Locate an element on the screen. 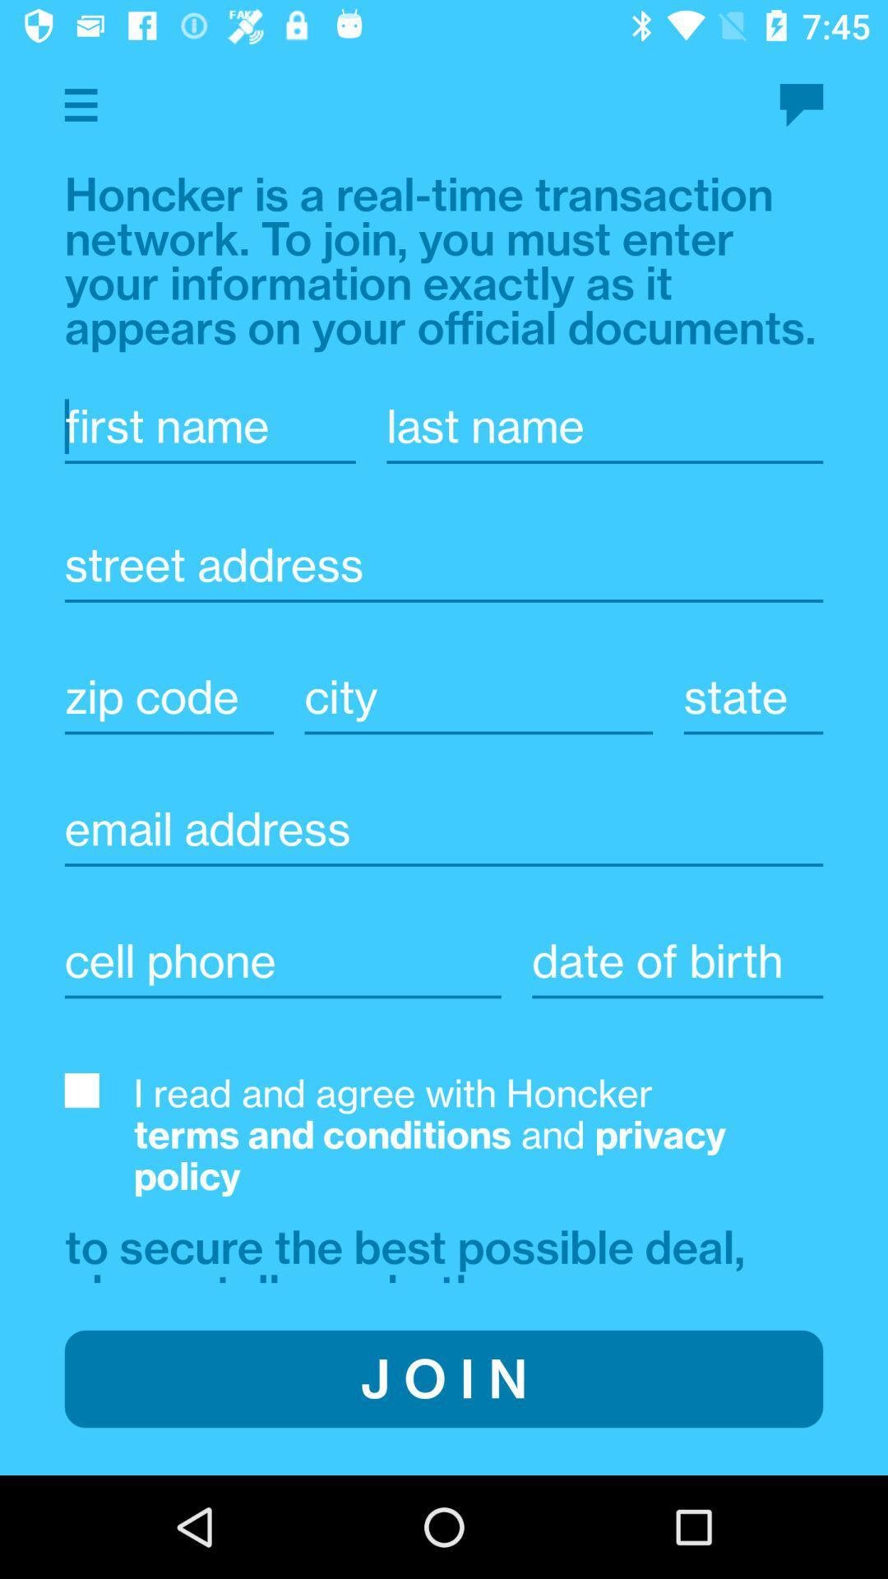 This screenshot has height=1579, width=888. type in city is located at coordinates (678, 961).